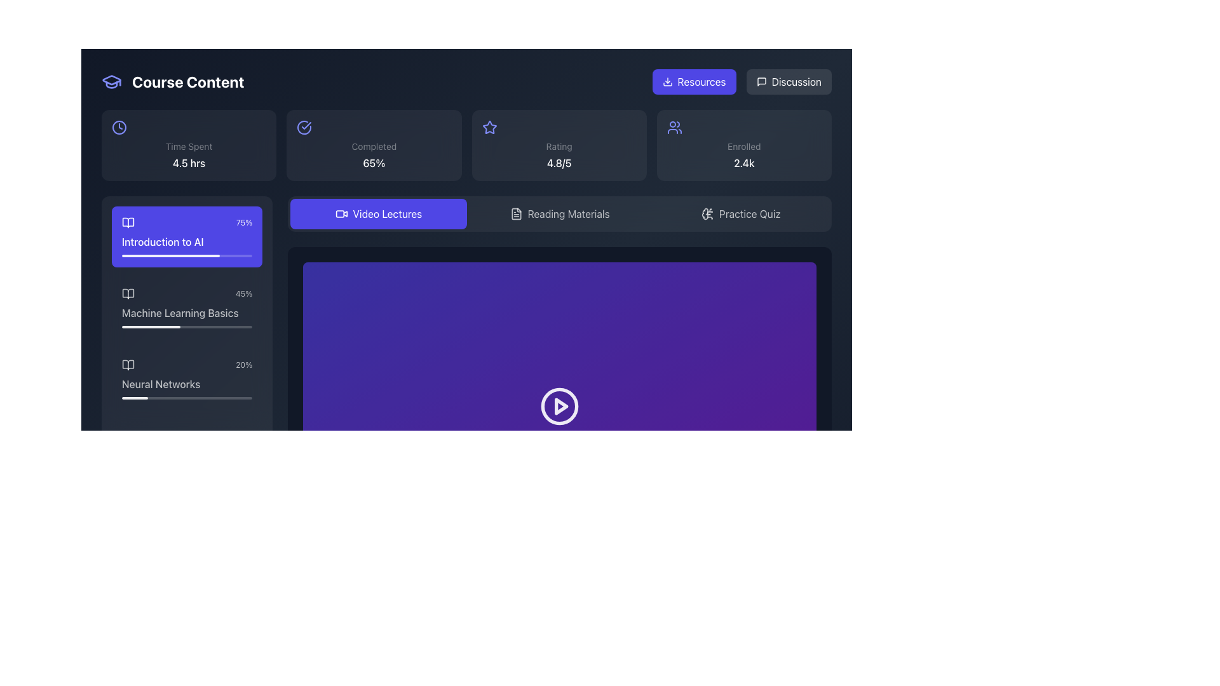 The width and height of the screenshot is (1220, 686). Describe the element at coordinates (172, 255) in the screenshot. I see `the progress bar` at that location.